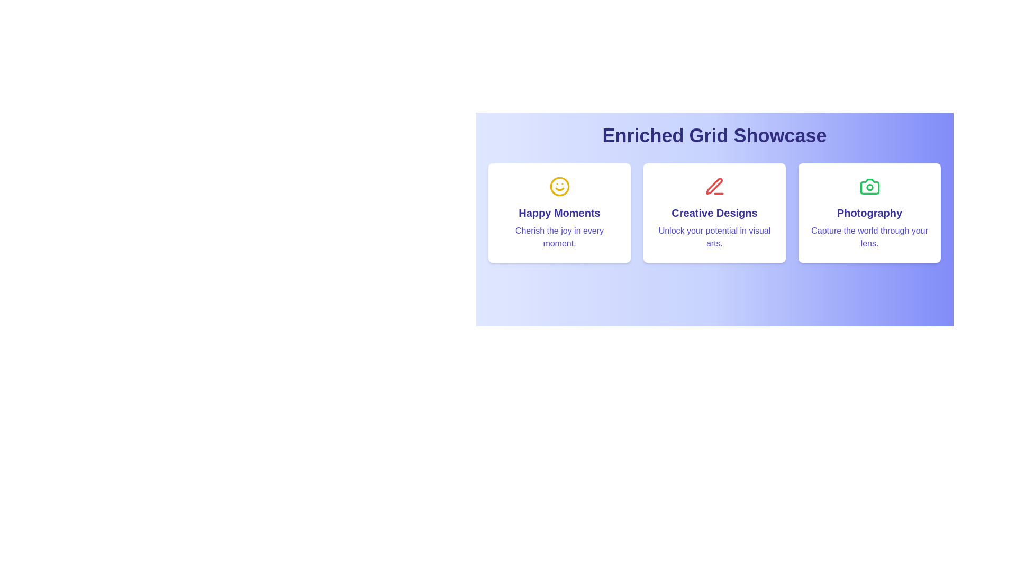 This screenshot has width=1016, height=571. Describe the element at coordinates (869, 236) in the screenshot. I see `text label 'Capture the world through your lens.' styled in a lighter shade of indigo, located within the card element below the title 'Photography'` at that location.